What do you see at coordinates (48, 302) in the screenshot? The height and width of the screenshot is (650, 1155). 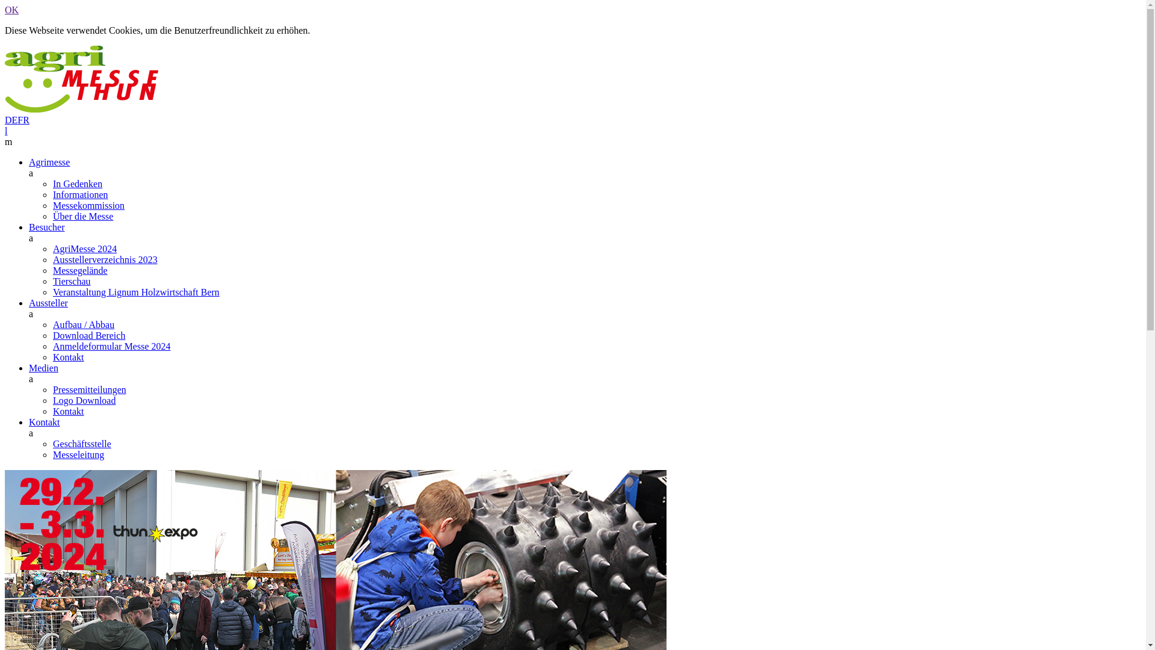 I see `'Aussteller'` at bounding box center [48, 302].